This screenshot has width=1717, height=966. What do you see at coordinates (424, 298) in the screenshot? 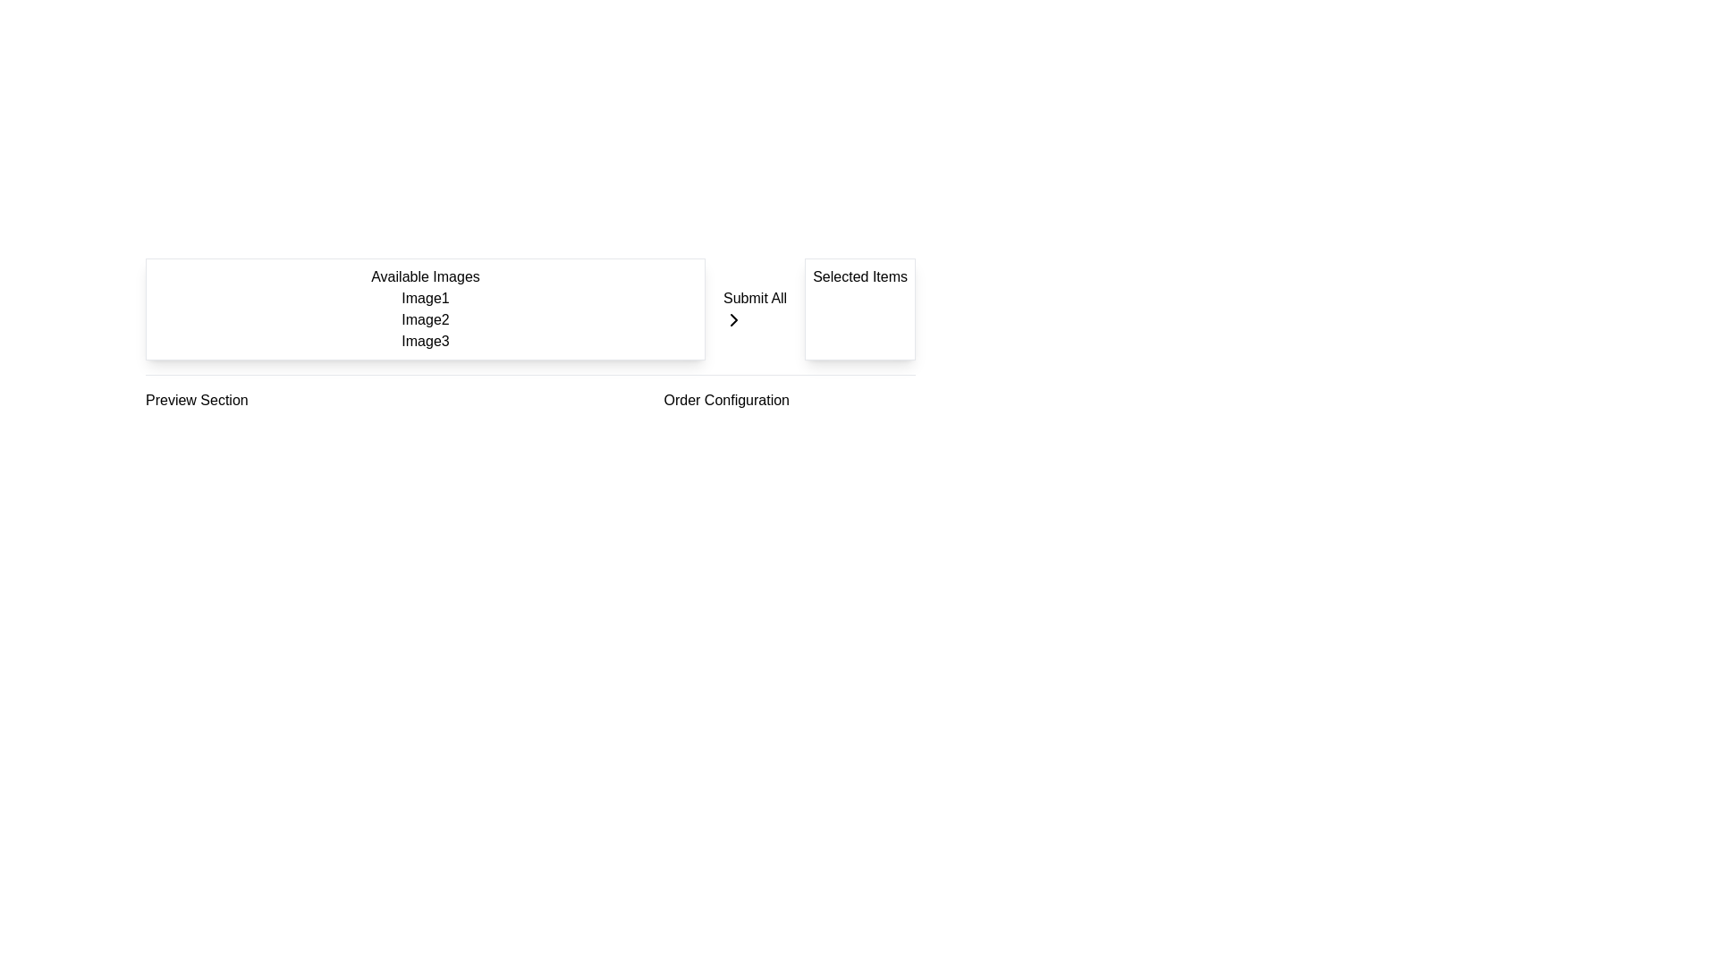
I see `the image named Image1 in the 'Available Images' list` at bounding box center [424, 298].